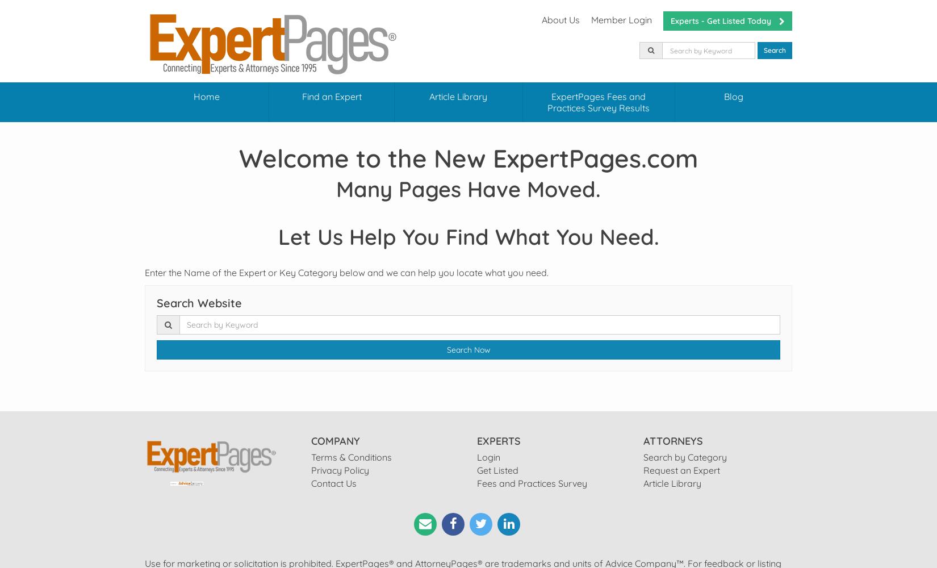  I want to click on 'Login', so click(488, 457).